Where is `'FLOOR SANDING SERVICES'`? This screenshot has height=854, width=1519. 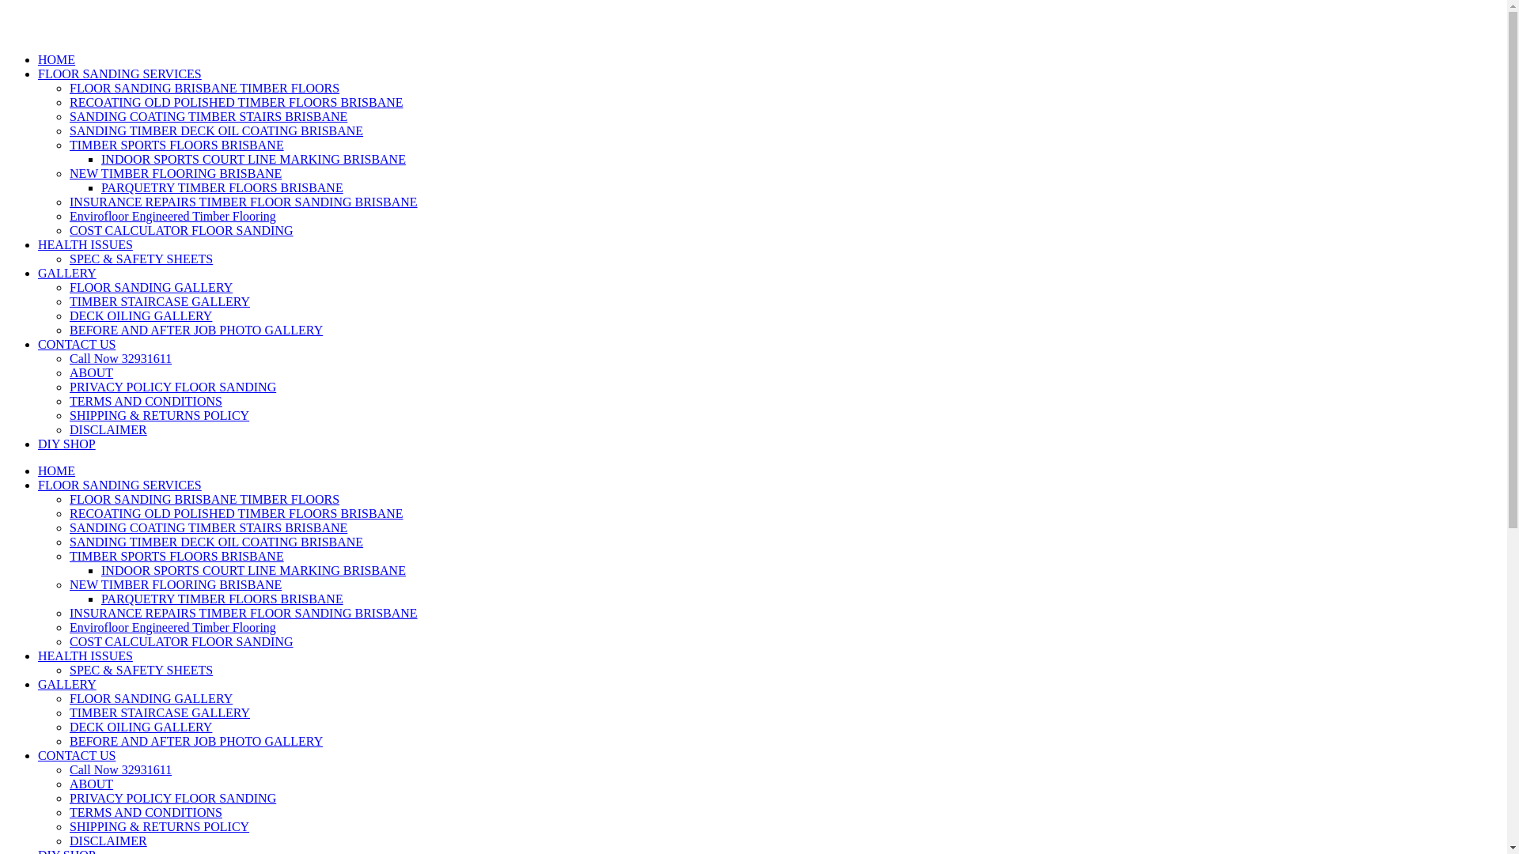
'FLOOR SANDING SERVICES' is located at coordinates (38, 74).